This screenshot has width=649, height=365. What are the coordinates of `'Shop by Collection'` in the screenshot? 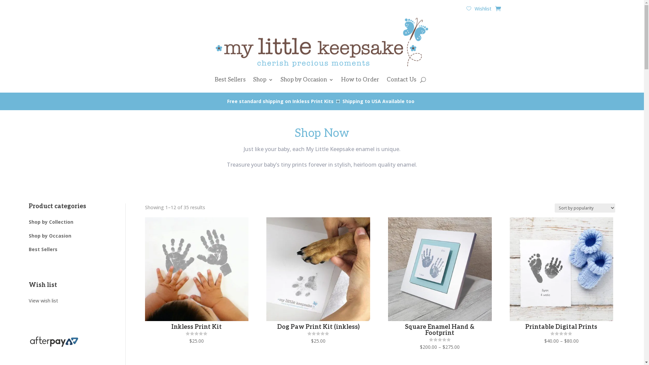 It's located at (50, 222).